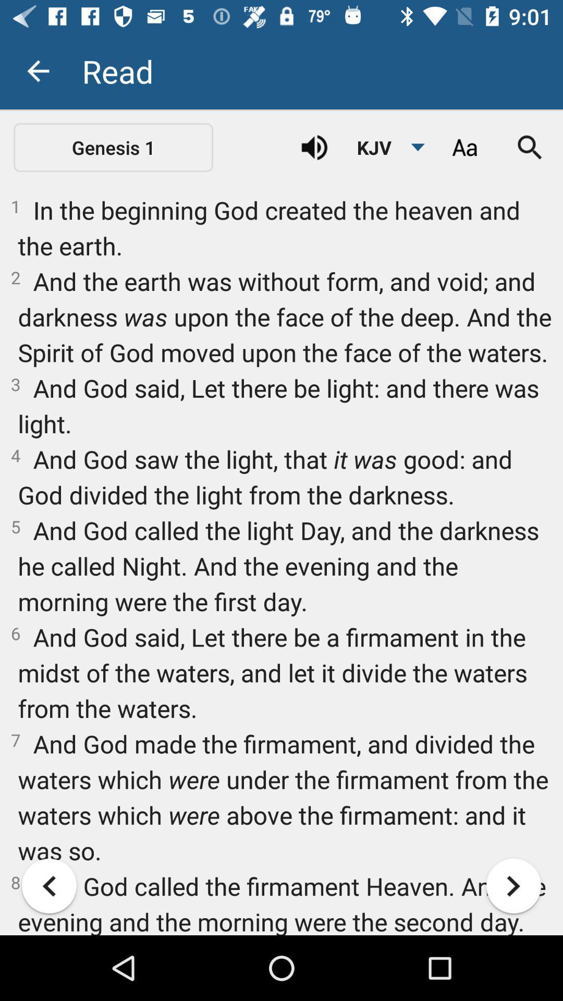  What do you see at coordinates (49, 885) in the screenshot?
I see `the arrow_backward icon` at bounding box center [49, 885].